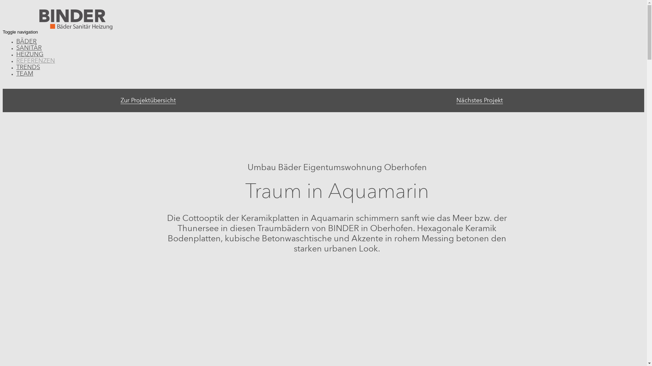 The image size is (652, 366). Describe the element at coordinates (28, 65) in the screenshot. I see `'TRENDS'` at that location.